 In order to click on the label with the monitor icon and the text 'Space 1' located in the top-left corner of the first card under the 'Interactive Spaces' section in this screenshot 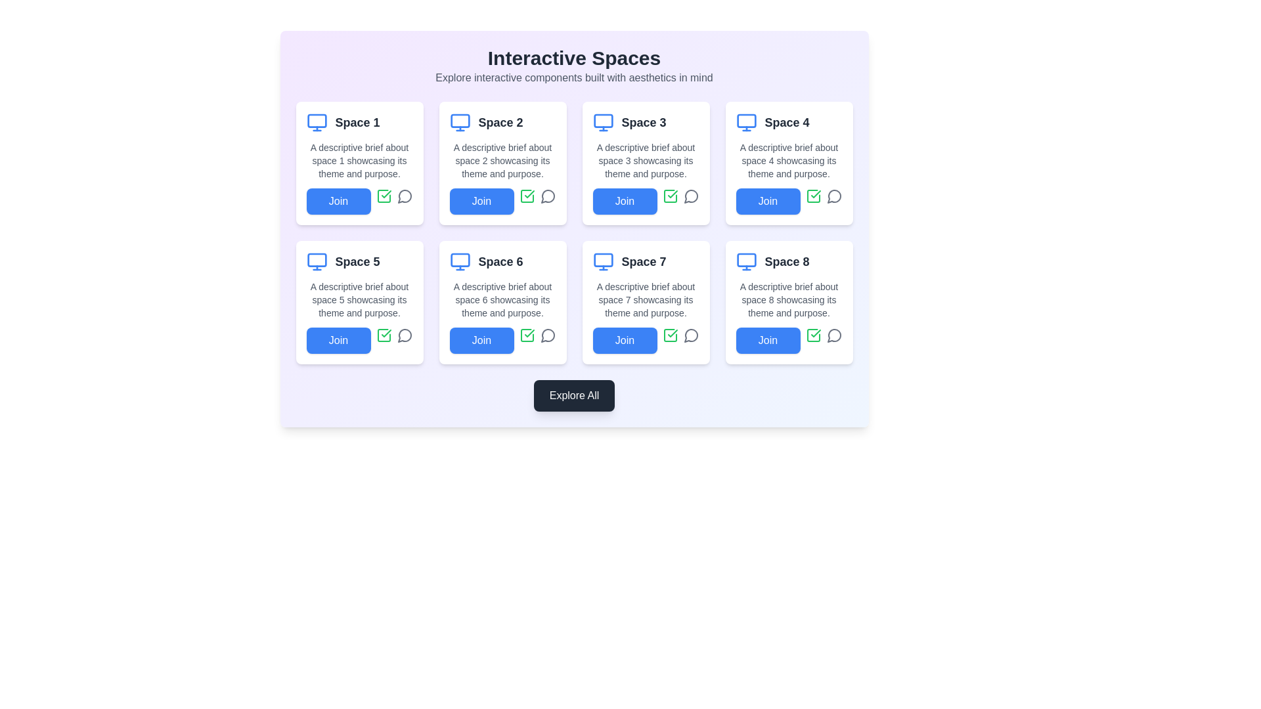, I will do `click(359, 122)`.